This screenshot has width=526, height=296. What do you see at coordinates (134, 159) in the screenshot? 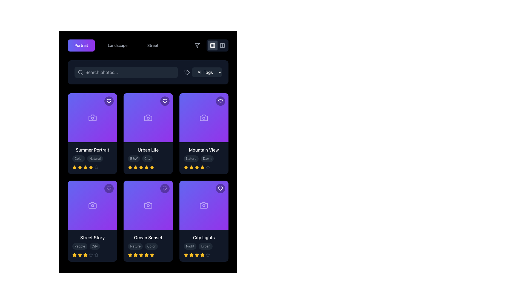
I see `the leftmost Metadata Label displaying 'B&W' in light gray on a dark gray background` at bounding box center [134, 159].